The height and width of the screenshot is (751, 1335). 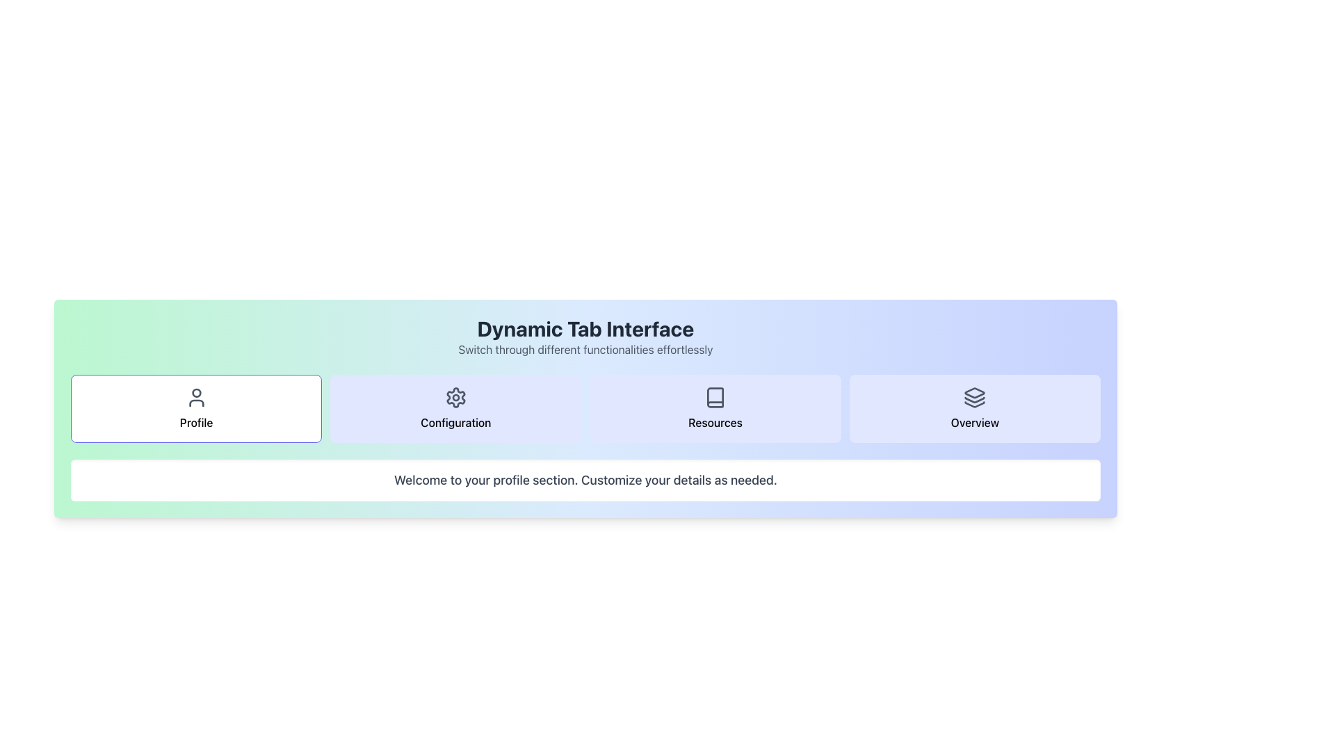 What do you see at coordinates (455, 422) in the screenshot?
I see `the 'Configuration' text label located below the gear icon in the navigation interface` at bounding box center [455, 422].